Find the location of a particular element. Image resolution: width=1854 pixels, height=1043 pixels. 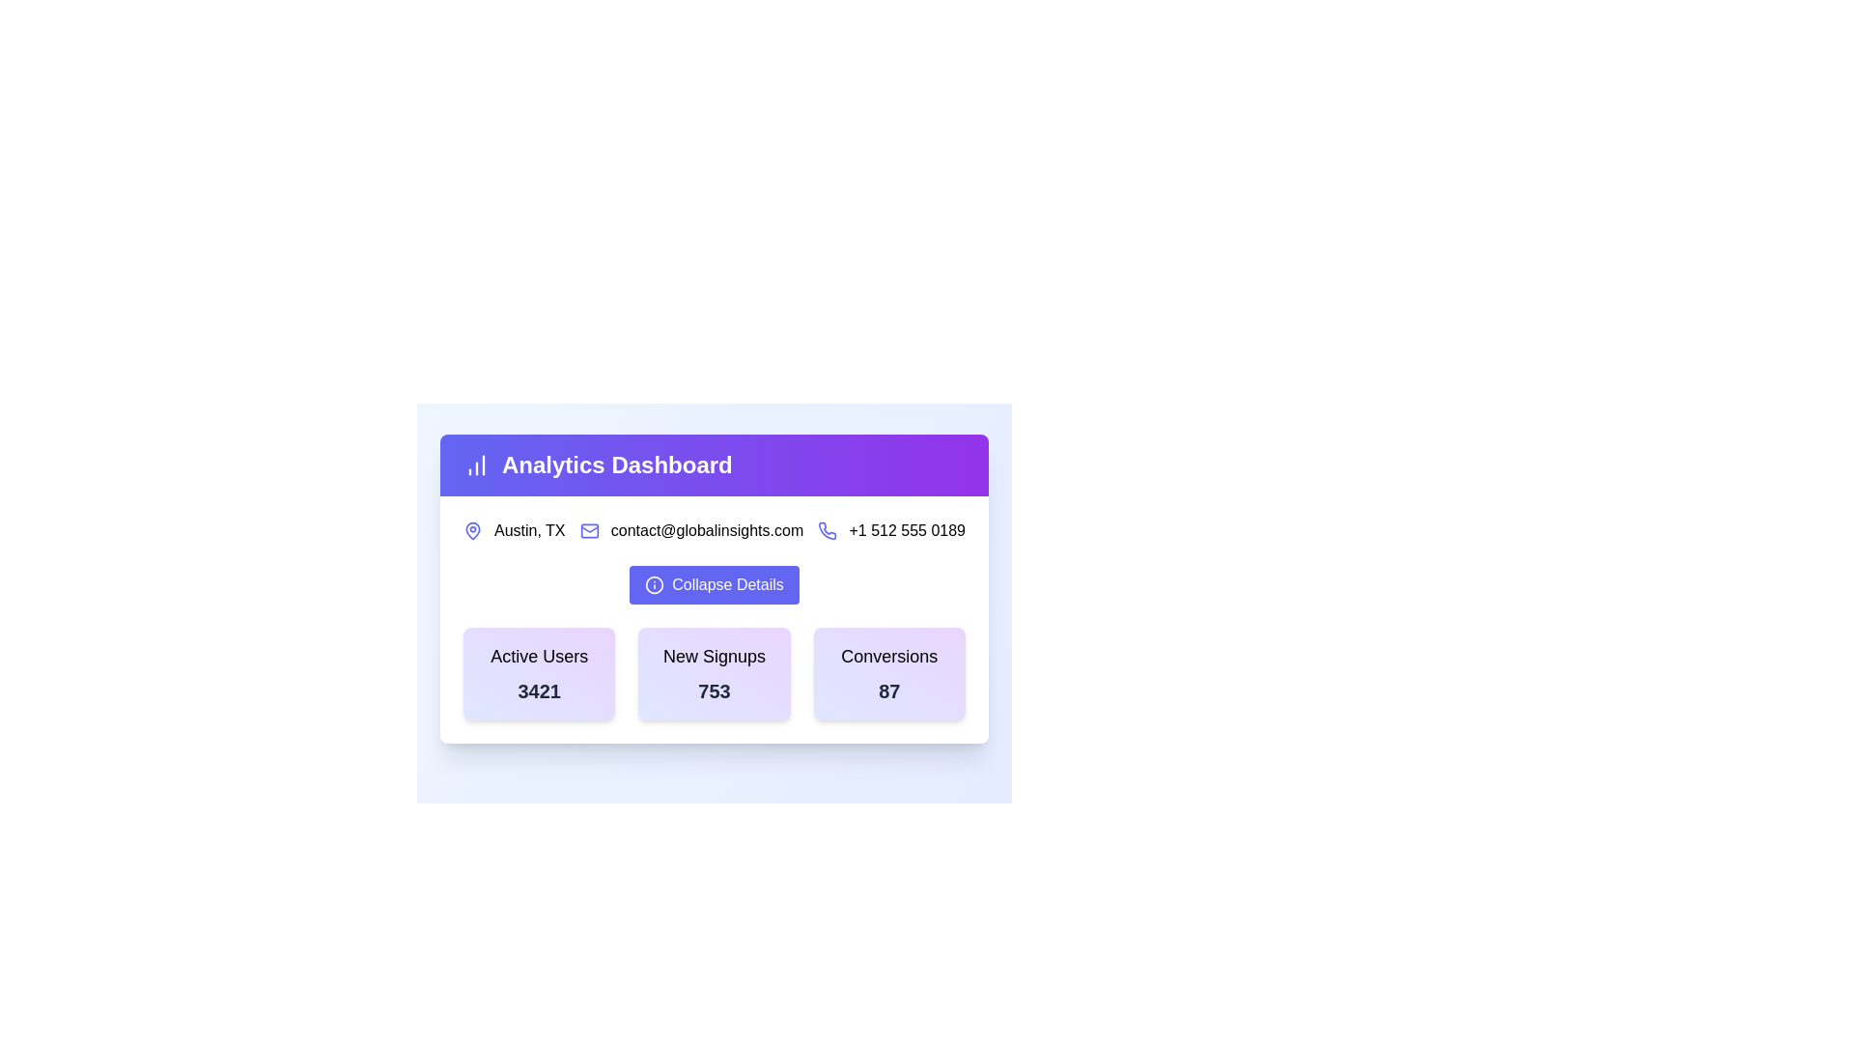

the supporting icon located at the leftmost edge of the 'Collapse Details' button to enhance the button's context is located at coordinates (655, 583).